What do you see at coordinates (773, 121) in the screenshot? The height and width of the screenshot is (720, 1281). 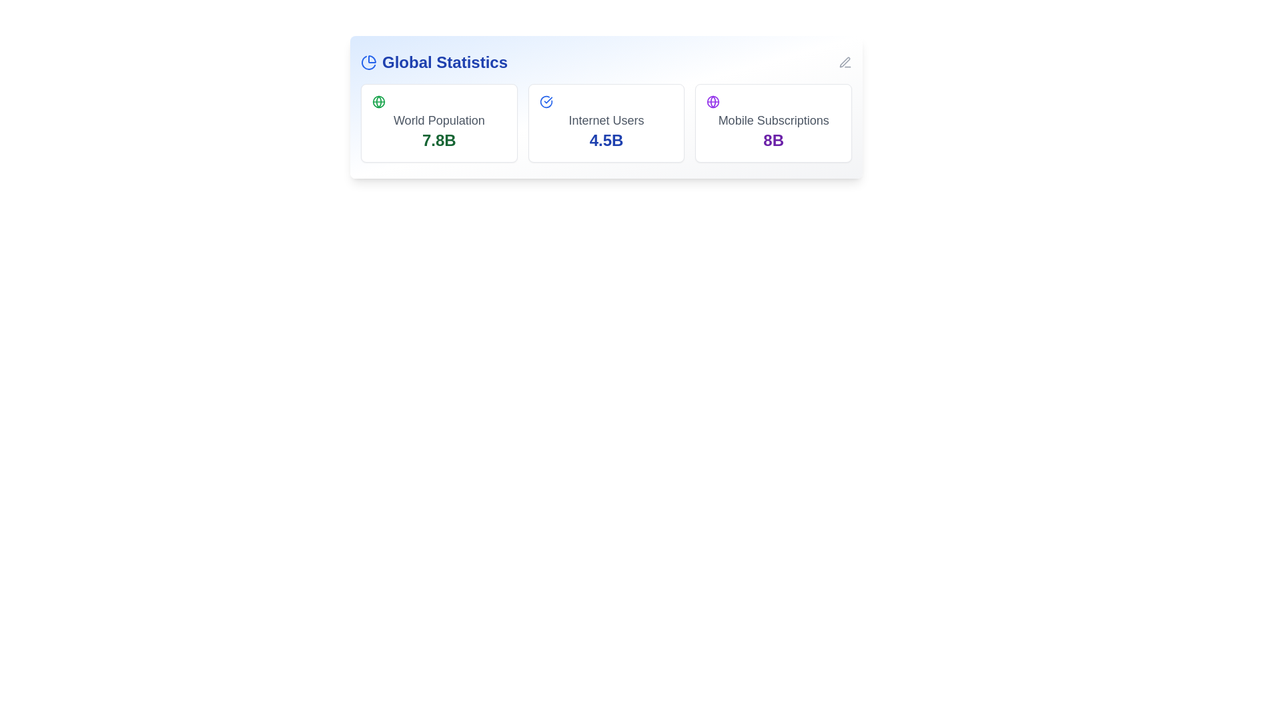 I see `the text label that describes the data point '8B' for mobile subscriptions, located inside the 'Mobile Subscriptions' panel in the third card from the left, positioned above the statistic '8B' and next to a purple globe icon` at bounding box center [773, 121].